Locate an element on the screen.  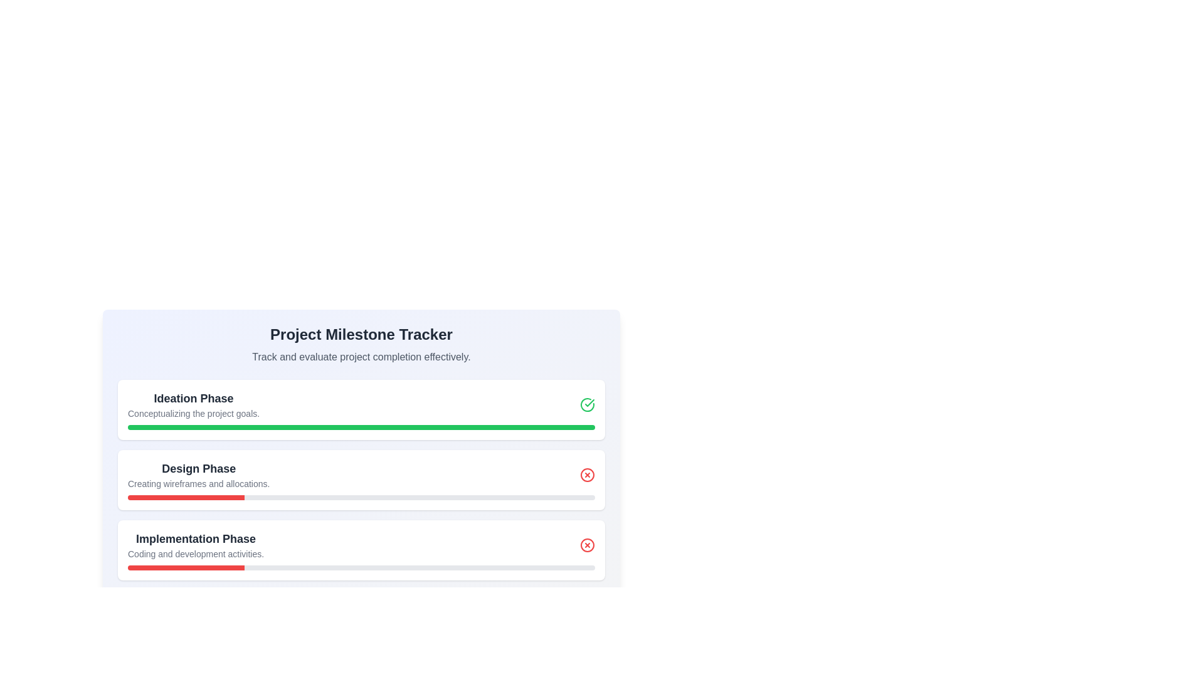
the progress visually on the horizontal progress bar located in the 'Ideation Phase' section, below 'Conceptualizing the project goals.' is located at coordinates (361, 427).